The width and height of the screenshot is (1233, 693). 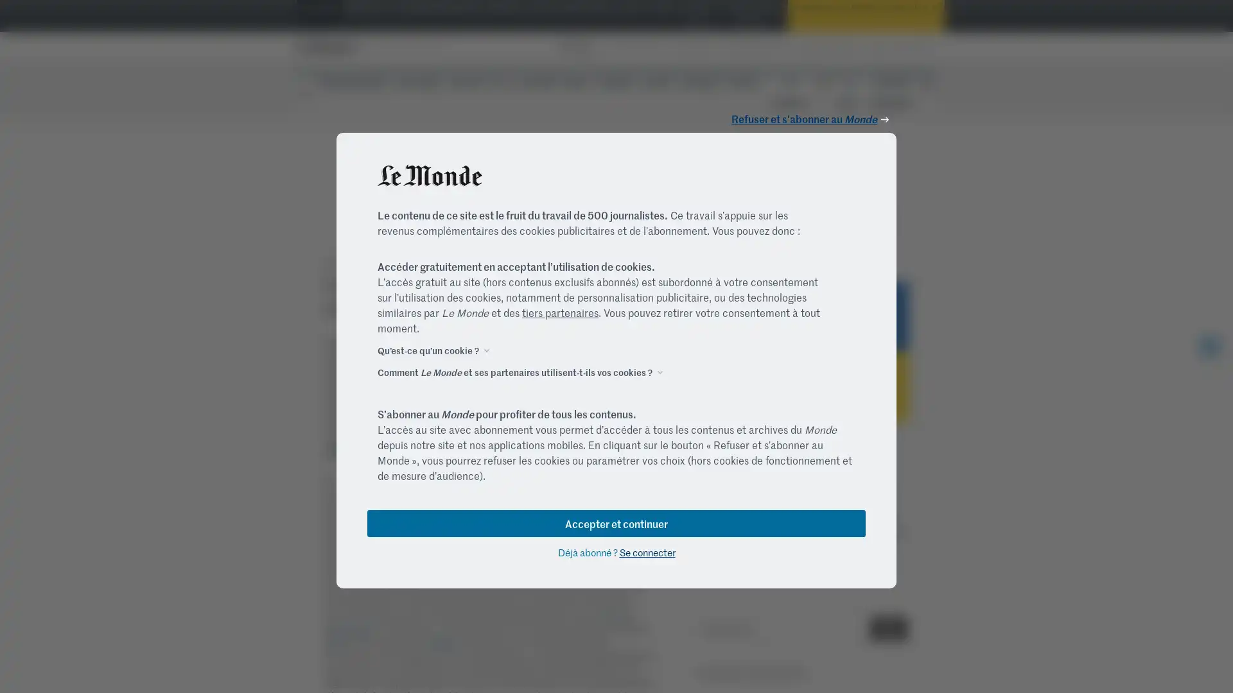 What do you see at coordinates (514, 371) in the screenshot?
I see `Comment Le Monde et ses partenaires utilisent-t-ils vos cookies ?` at bounding box center [514, 371].